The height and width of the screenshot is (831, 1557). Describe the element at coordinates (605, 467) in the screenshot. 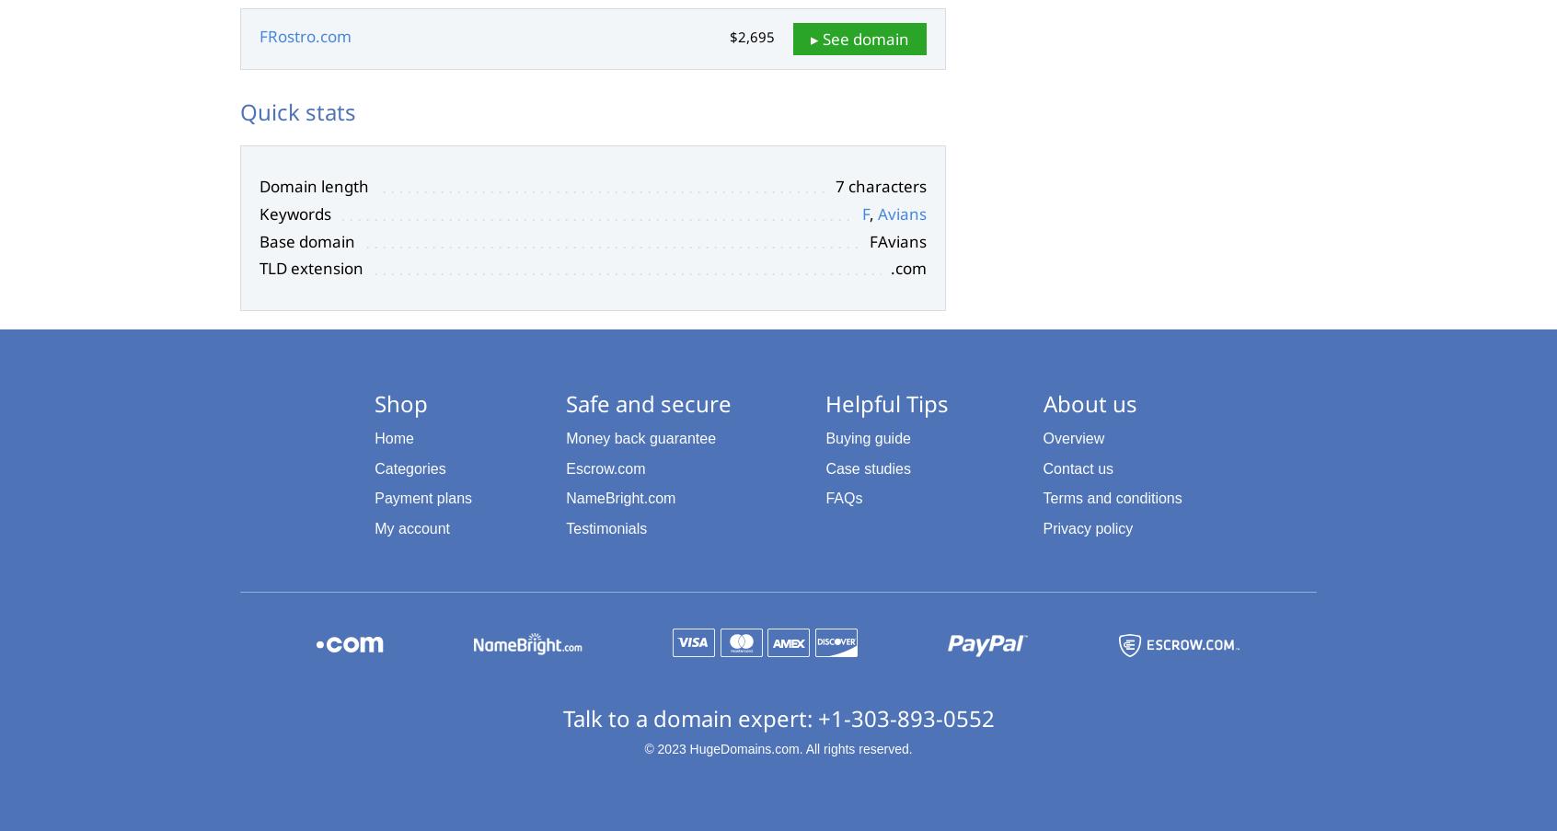

I see `'Escrow.com'` at that location.